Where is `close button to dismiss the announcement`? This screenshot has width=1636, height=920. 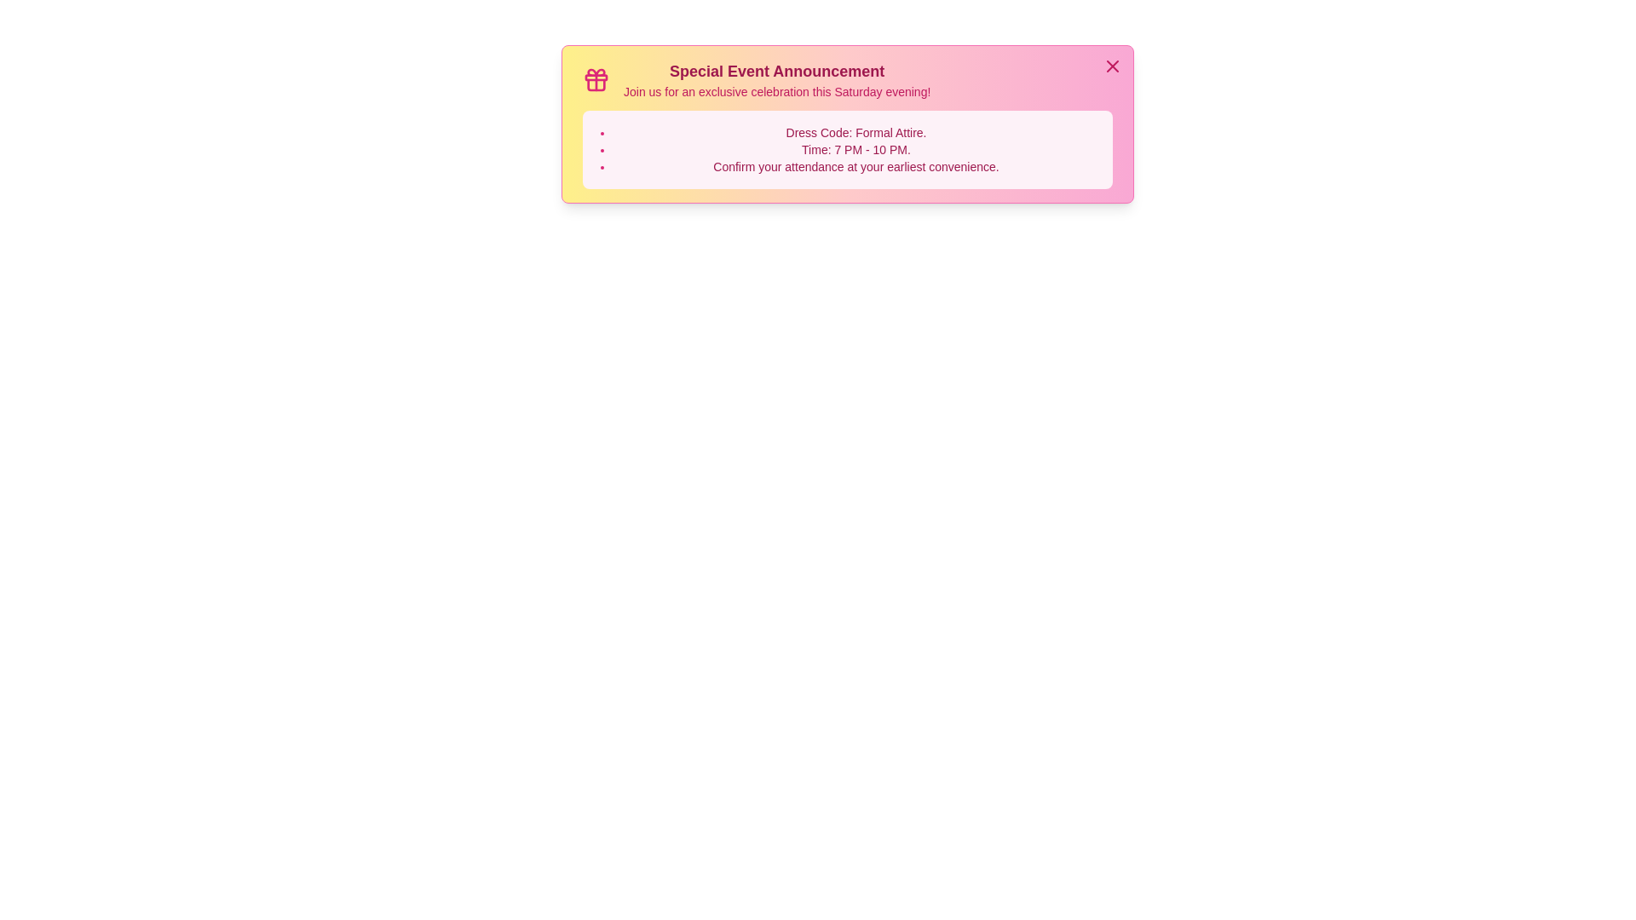
close button to dismiss the announcement is located at coordinates (1112, 65).